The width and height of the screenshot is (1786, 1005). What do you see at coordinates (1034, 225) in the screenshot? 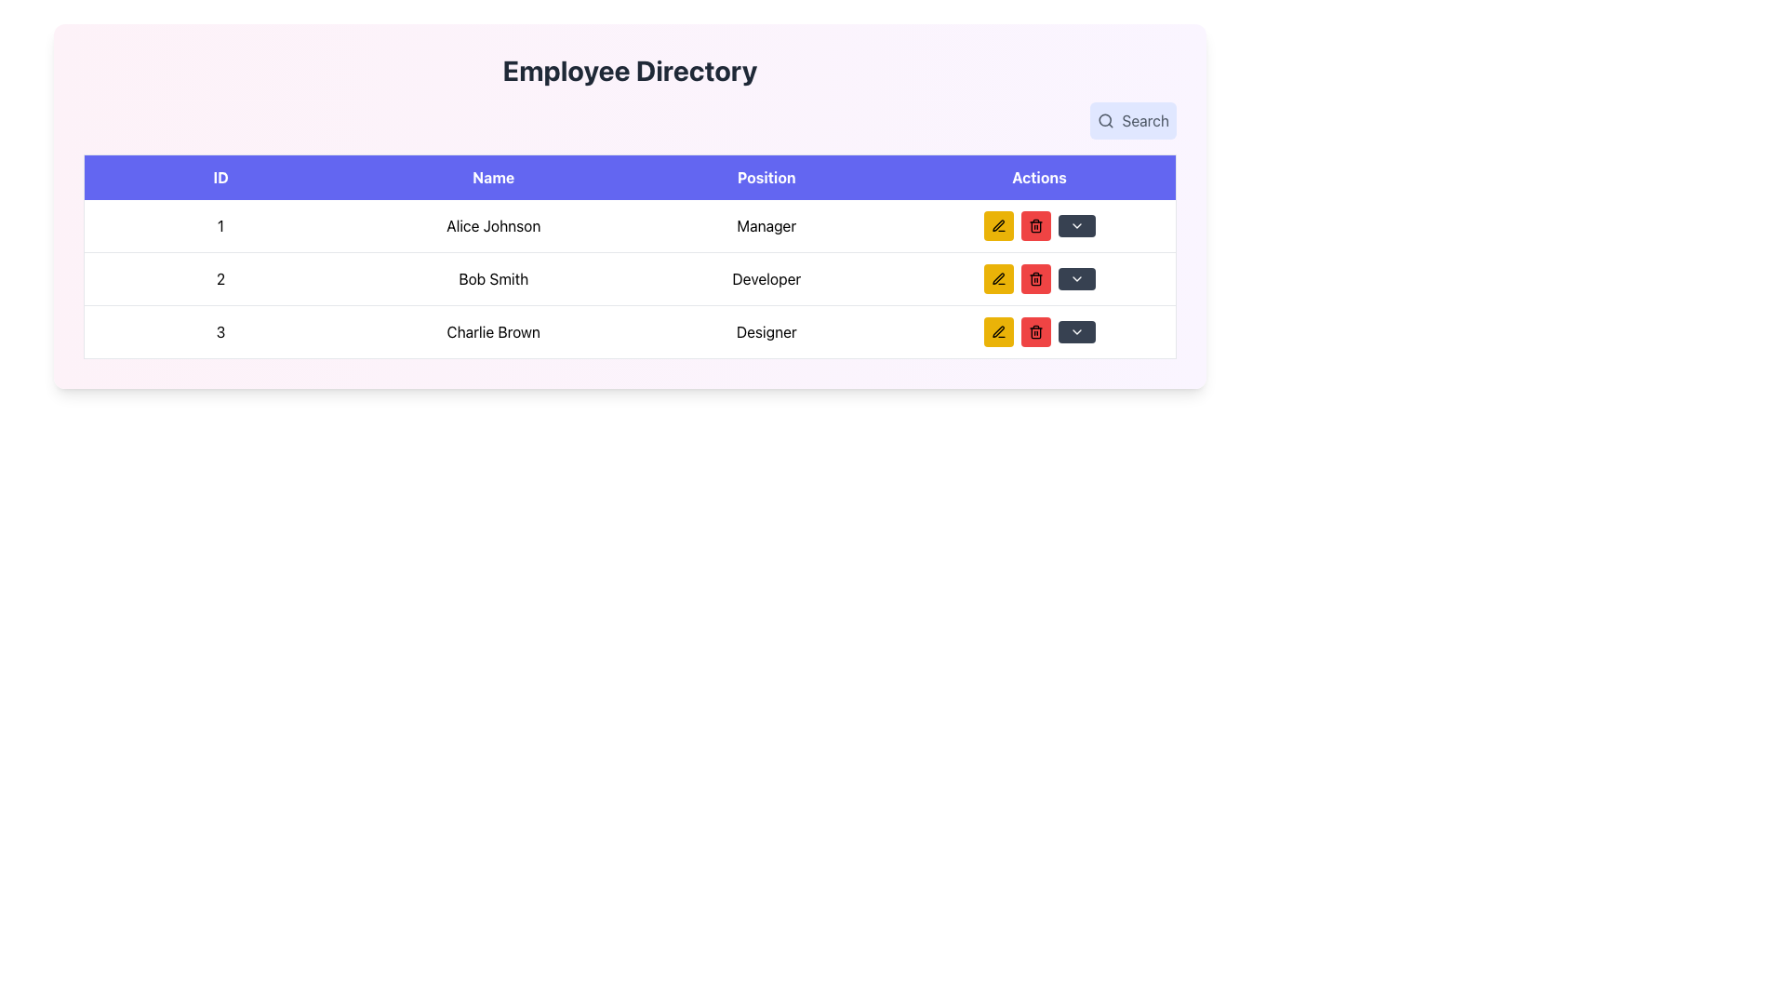
I see `the delete button in the 'Actions' column of the table for the employee 'Bob Smith' to initiate deletion` at bounding box center [1034, 225].